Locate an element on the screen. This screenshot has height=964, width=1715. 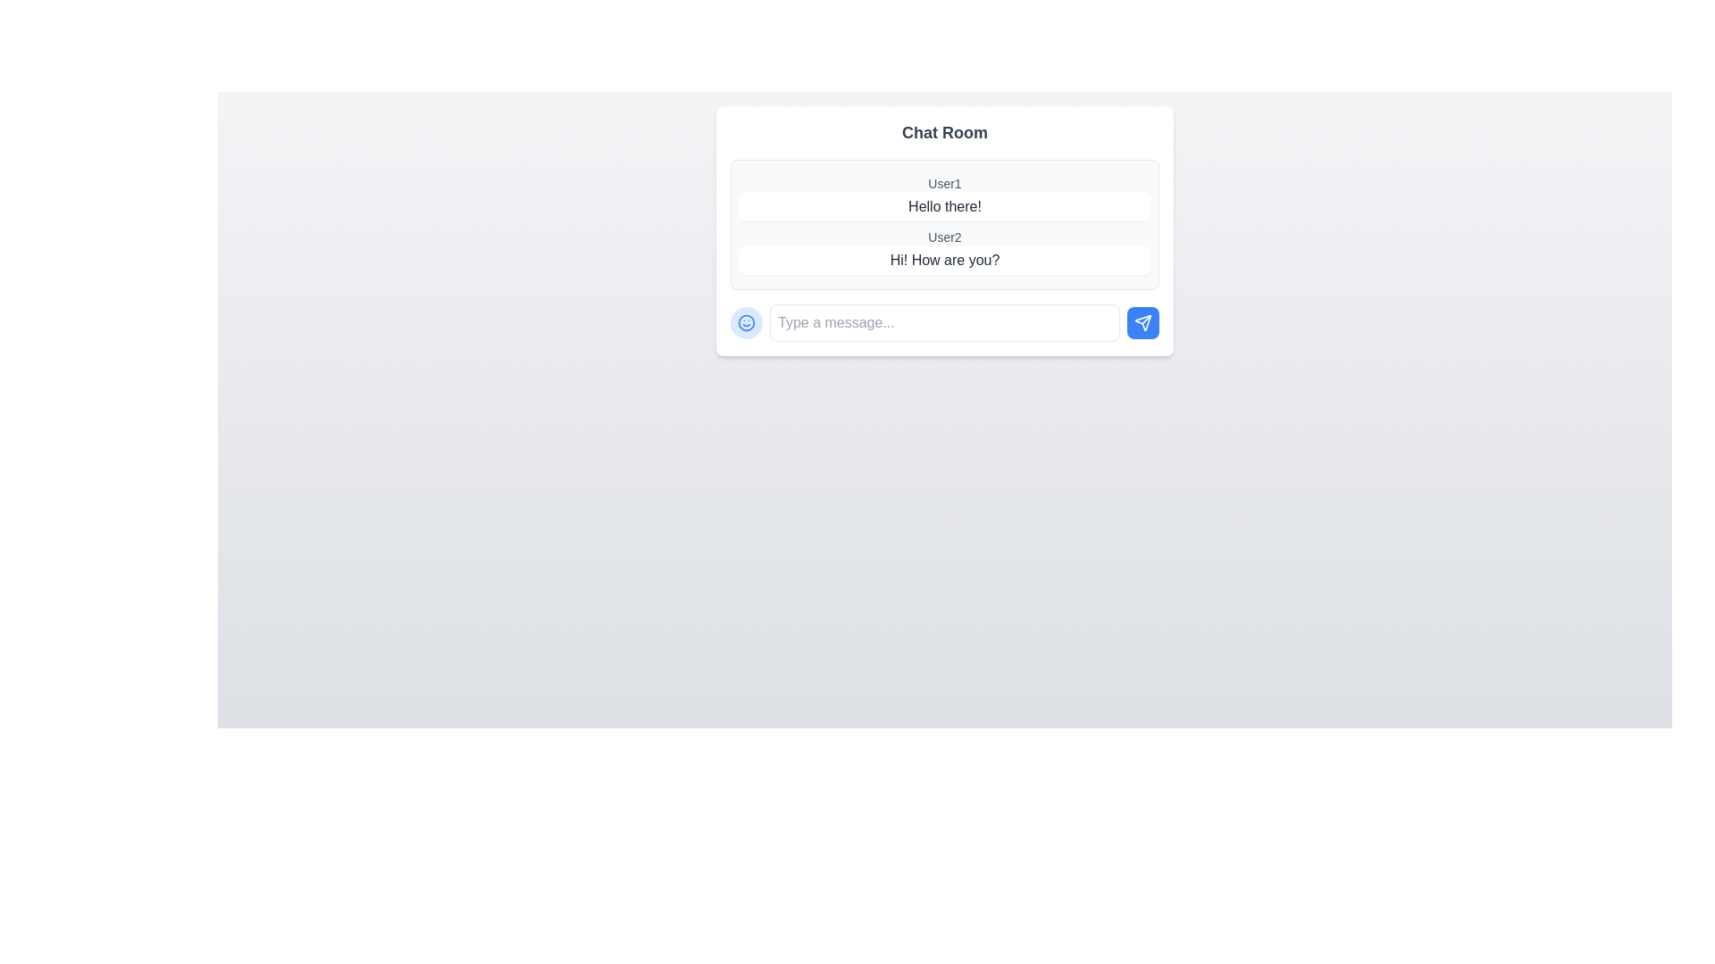
the smiley face icon button located at the bottom-left corner of the chat input box is located at coordinates (746, 323).